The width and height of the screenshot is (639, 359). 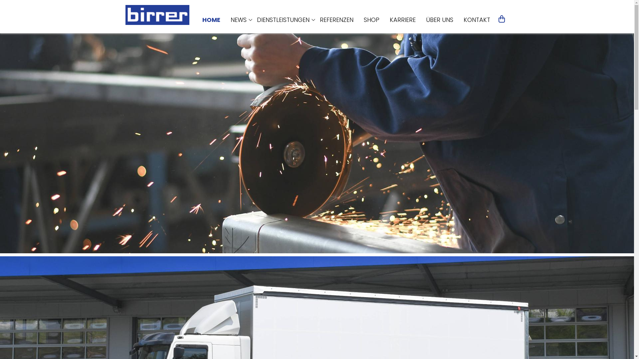 I want to click on 'DIENSTLEISTUNGEN', so click(x=283, y=19).